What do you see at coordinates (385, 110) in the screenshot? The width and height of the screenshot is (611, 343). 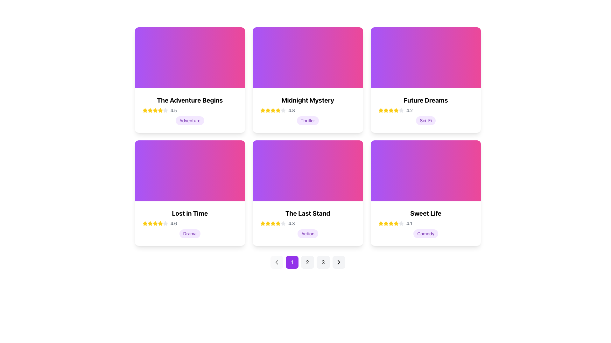 I see `the third star icon representing a rating of 3 stars out of 5 for the content in the 'Future Dreams' card` at bounding box center [385, 110].